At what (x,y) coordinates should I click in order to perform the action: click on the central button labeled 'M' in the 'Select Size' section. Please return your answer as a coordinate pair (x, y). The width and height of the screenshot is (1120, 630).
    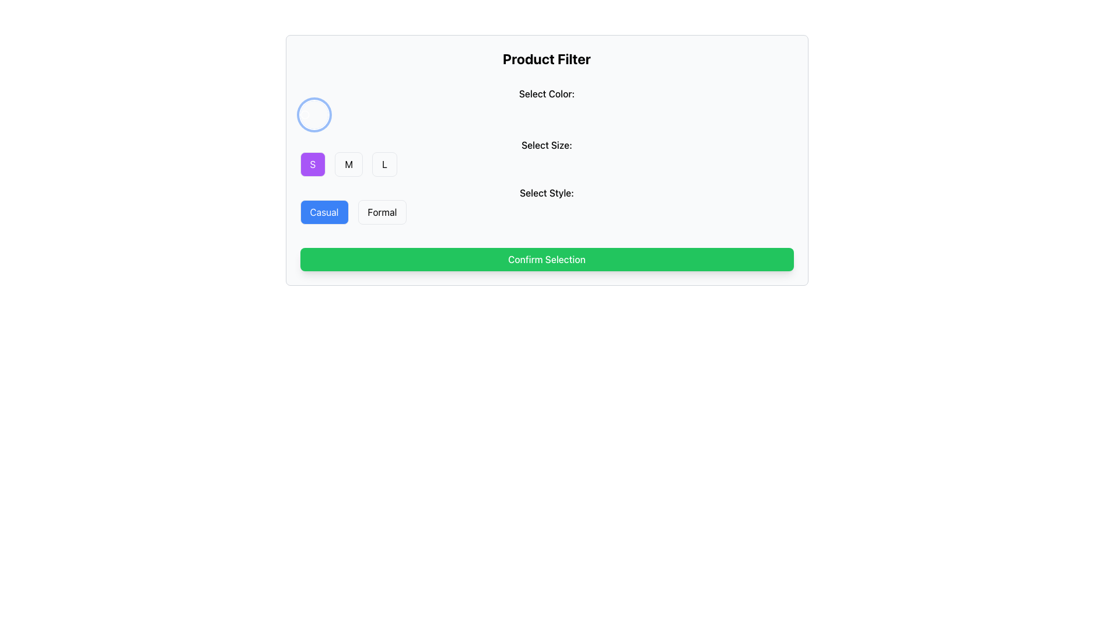
    Looking at the image, I should click on (348, 164).